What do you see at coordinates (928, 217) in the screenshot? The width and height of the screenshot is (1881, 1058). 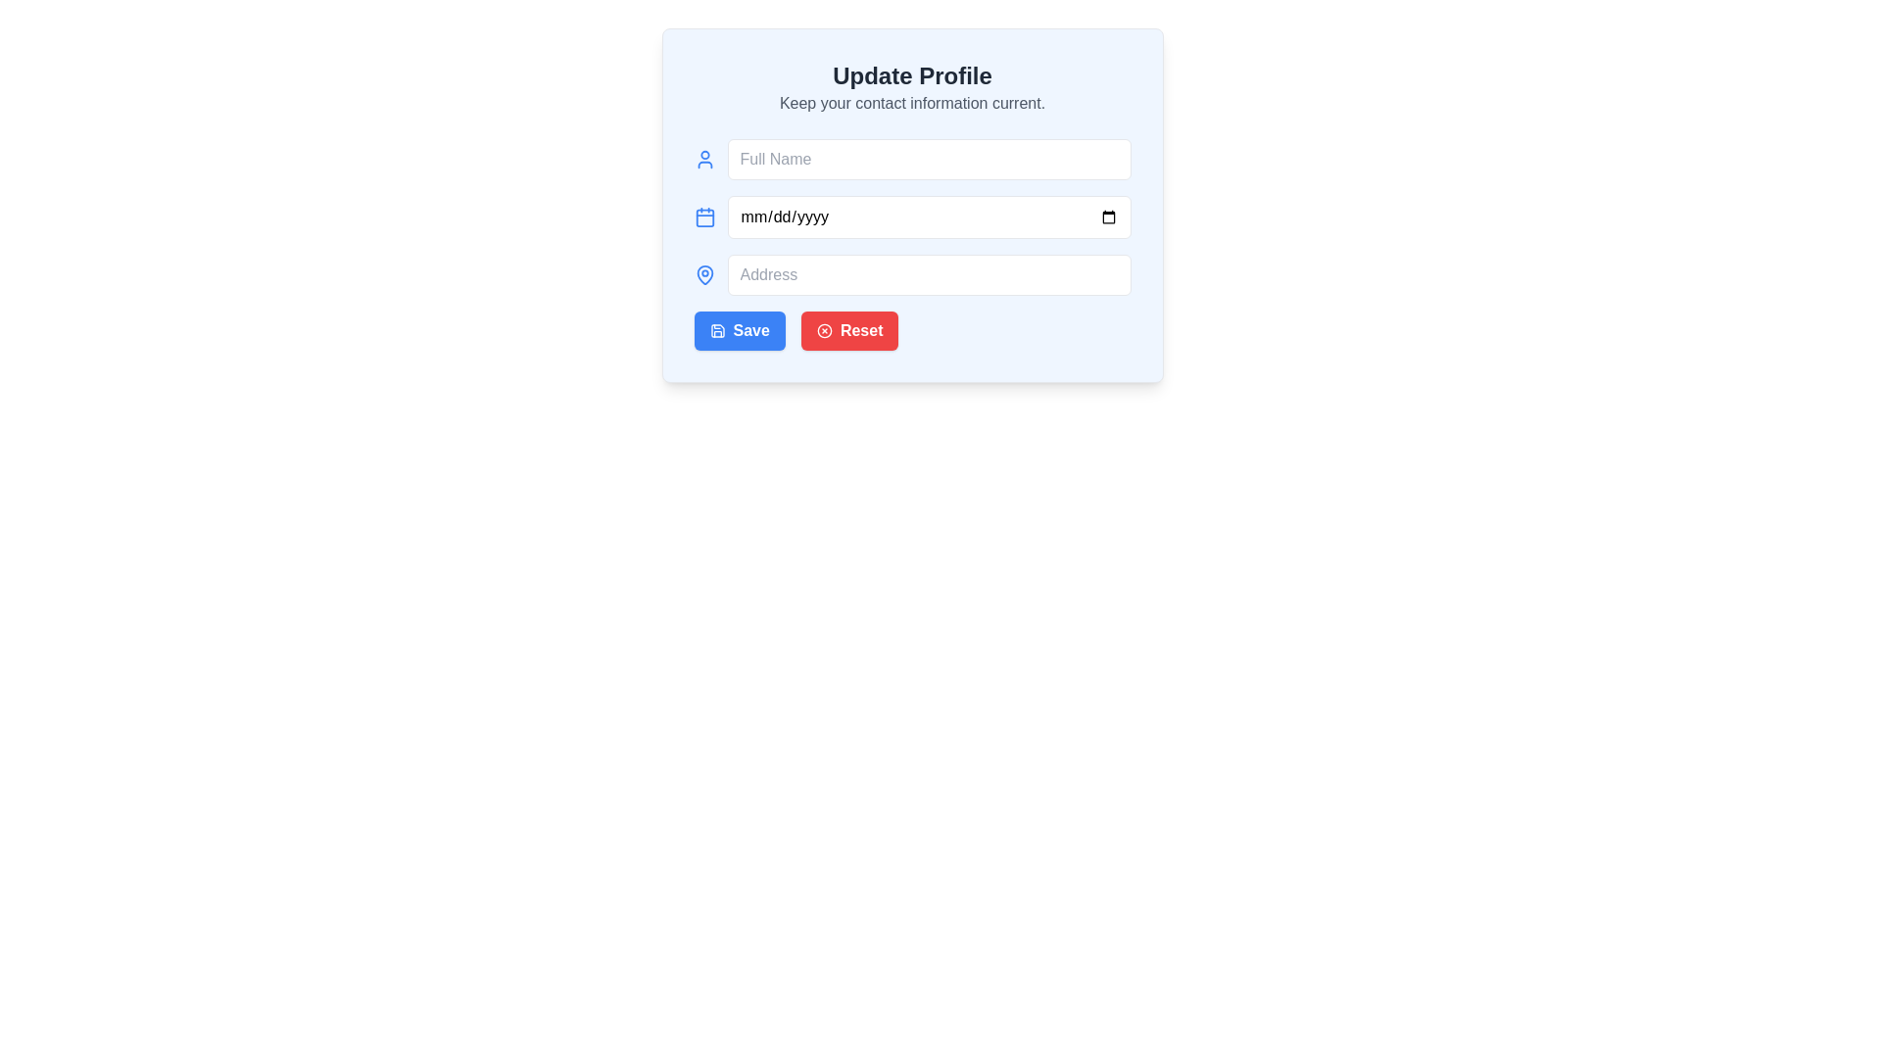 I see `a date from the calendar view of the Date input field situated below the 'Full Name' input field and above the 'Address' input field, identified by the calendar icon on the left` at bounding box center [928, 217].